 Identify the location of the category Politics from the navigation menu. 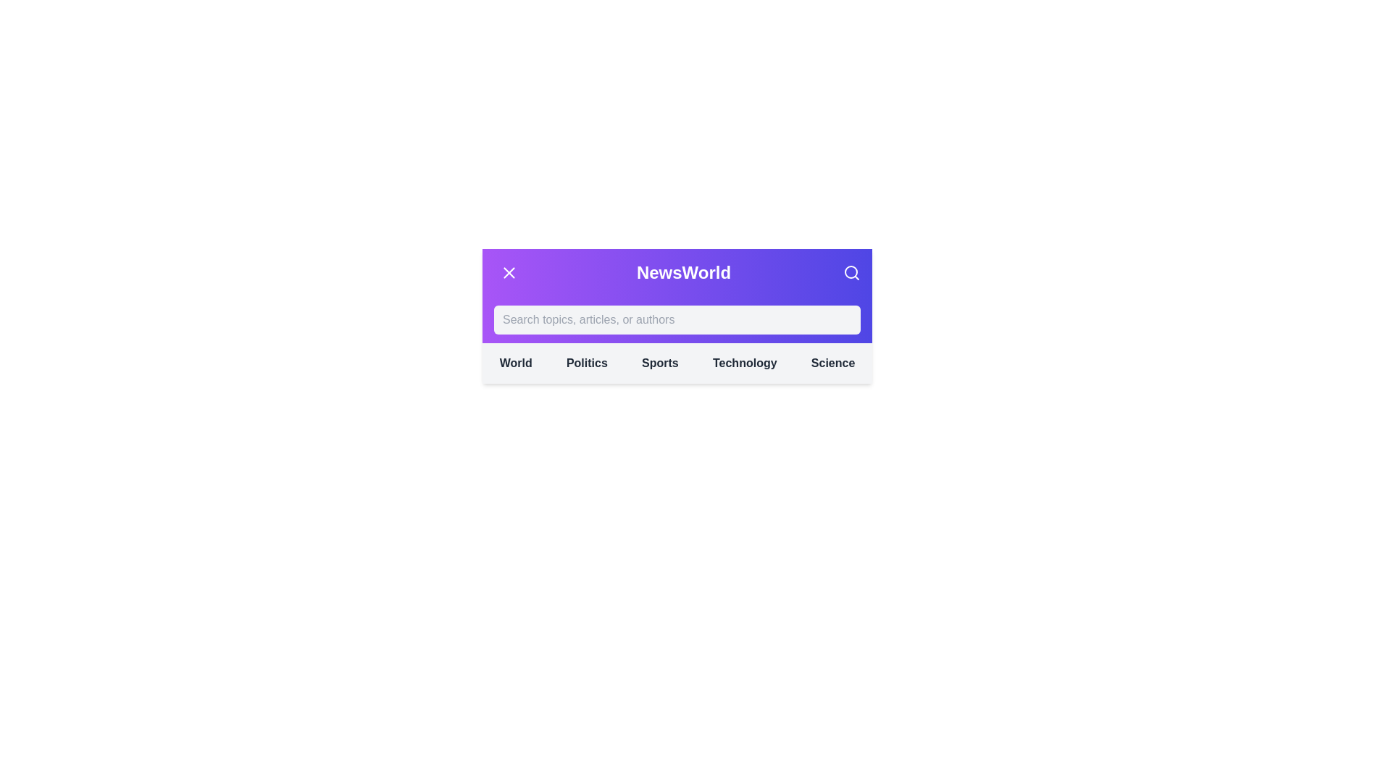
(587, 362).